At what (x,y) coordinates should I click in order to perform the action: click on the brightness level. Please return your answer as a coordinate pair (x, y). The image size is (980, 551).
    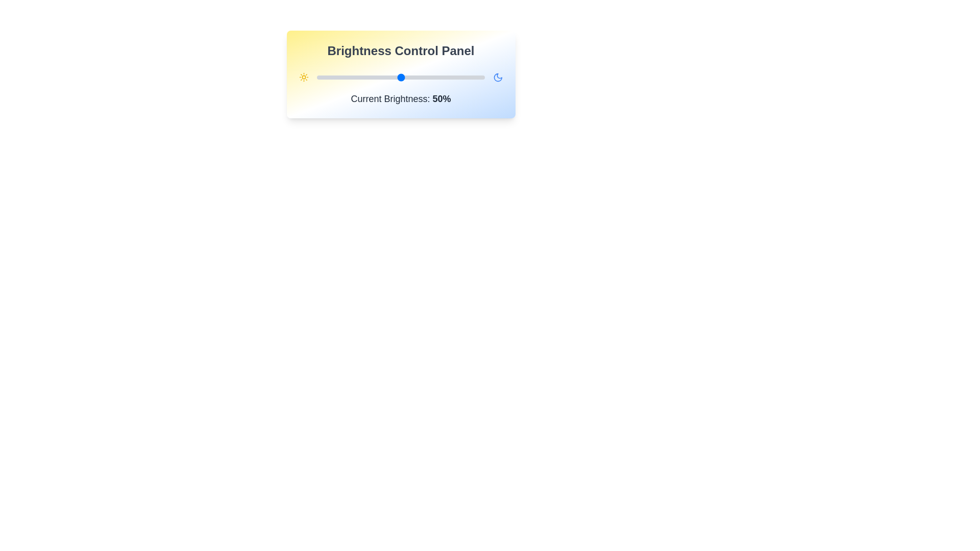
    Looking at the image, I should click on (467, 77).